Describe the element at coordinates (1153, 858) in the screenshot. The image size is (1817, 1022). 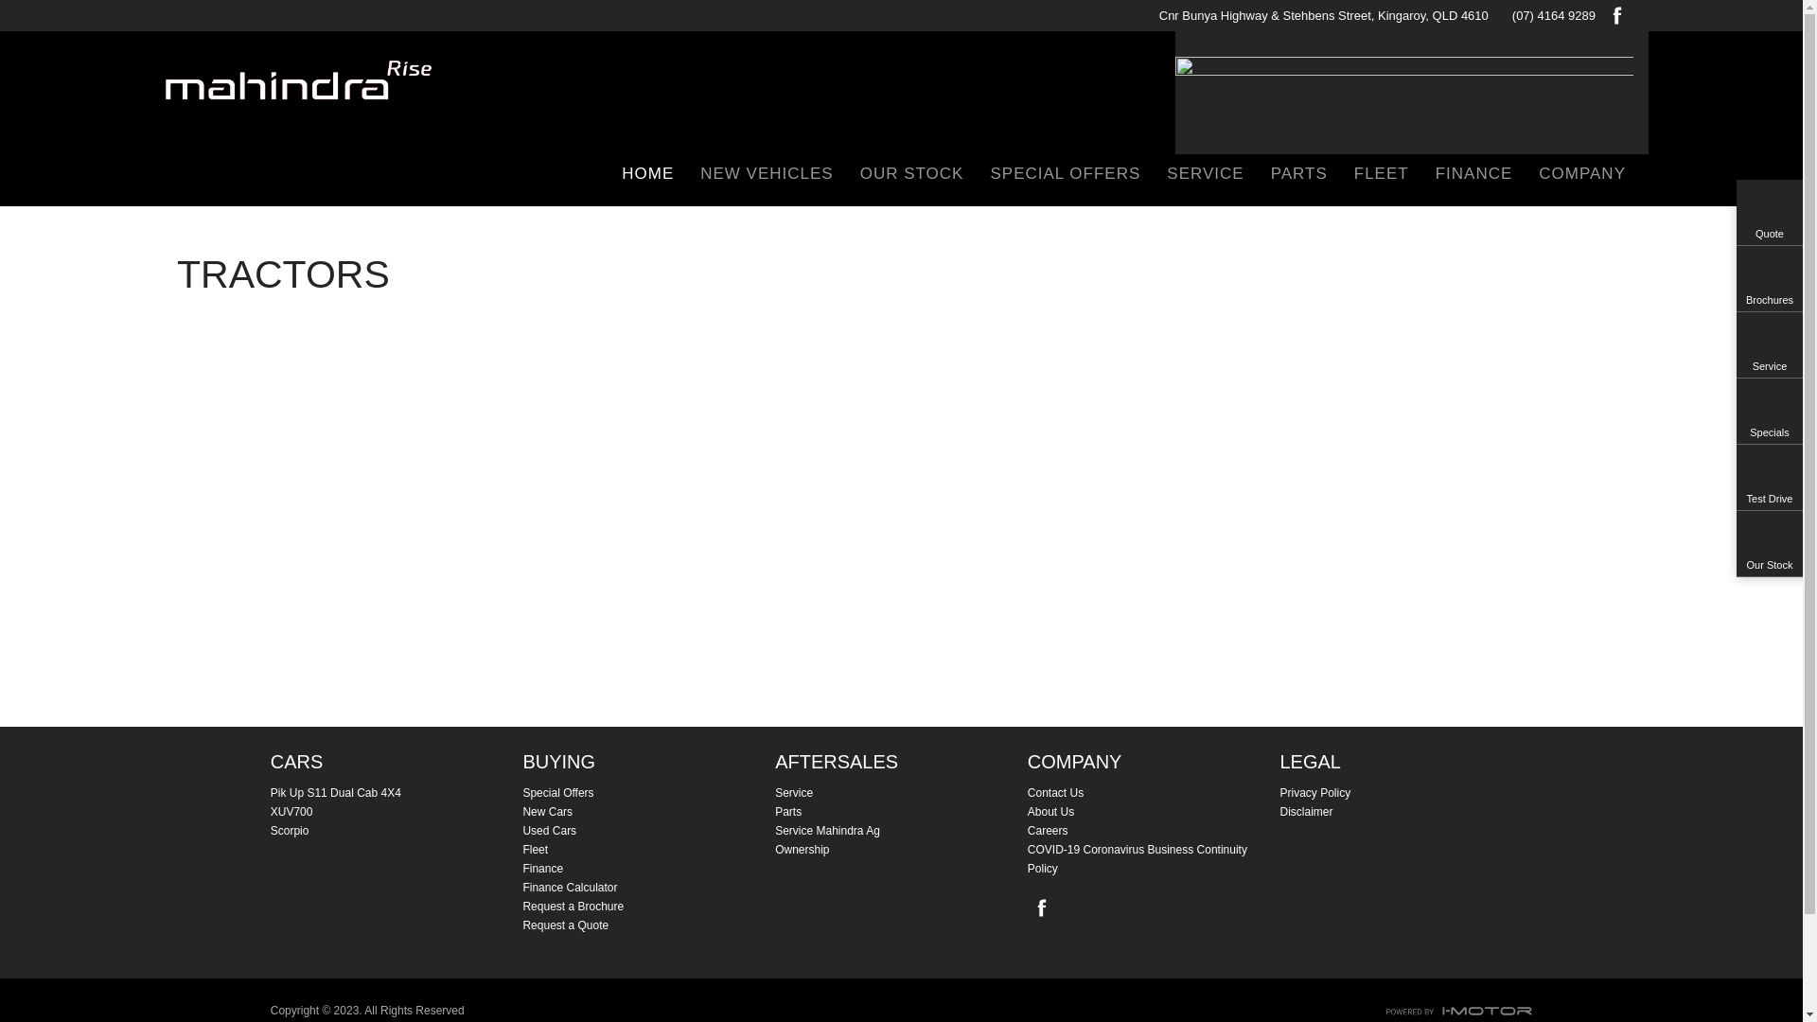
I see `'COVID-19 Coronavirus Business Continuity Policy'` at that location.